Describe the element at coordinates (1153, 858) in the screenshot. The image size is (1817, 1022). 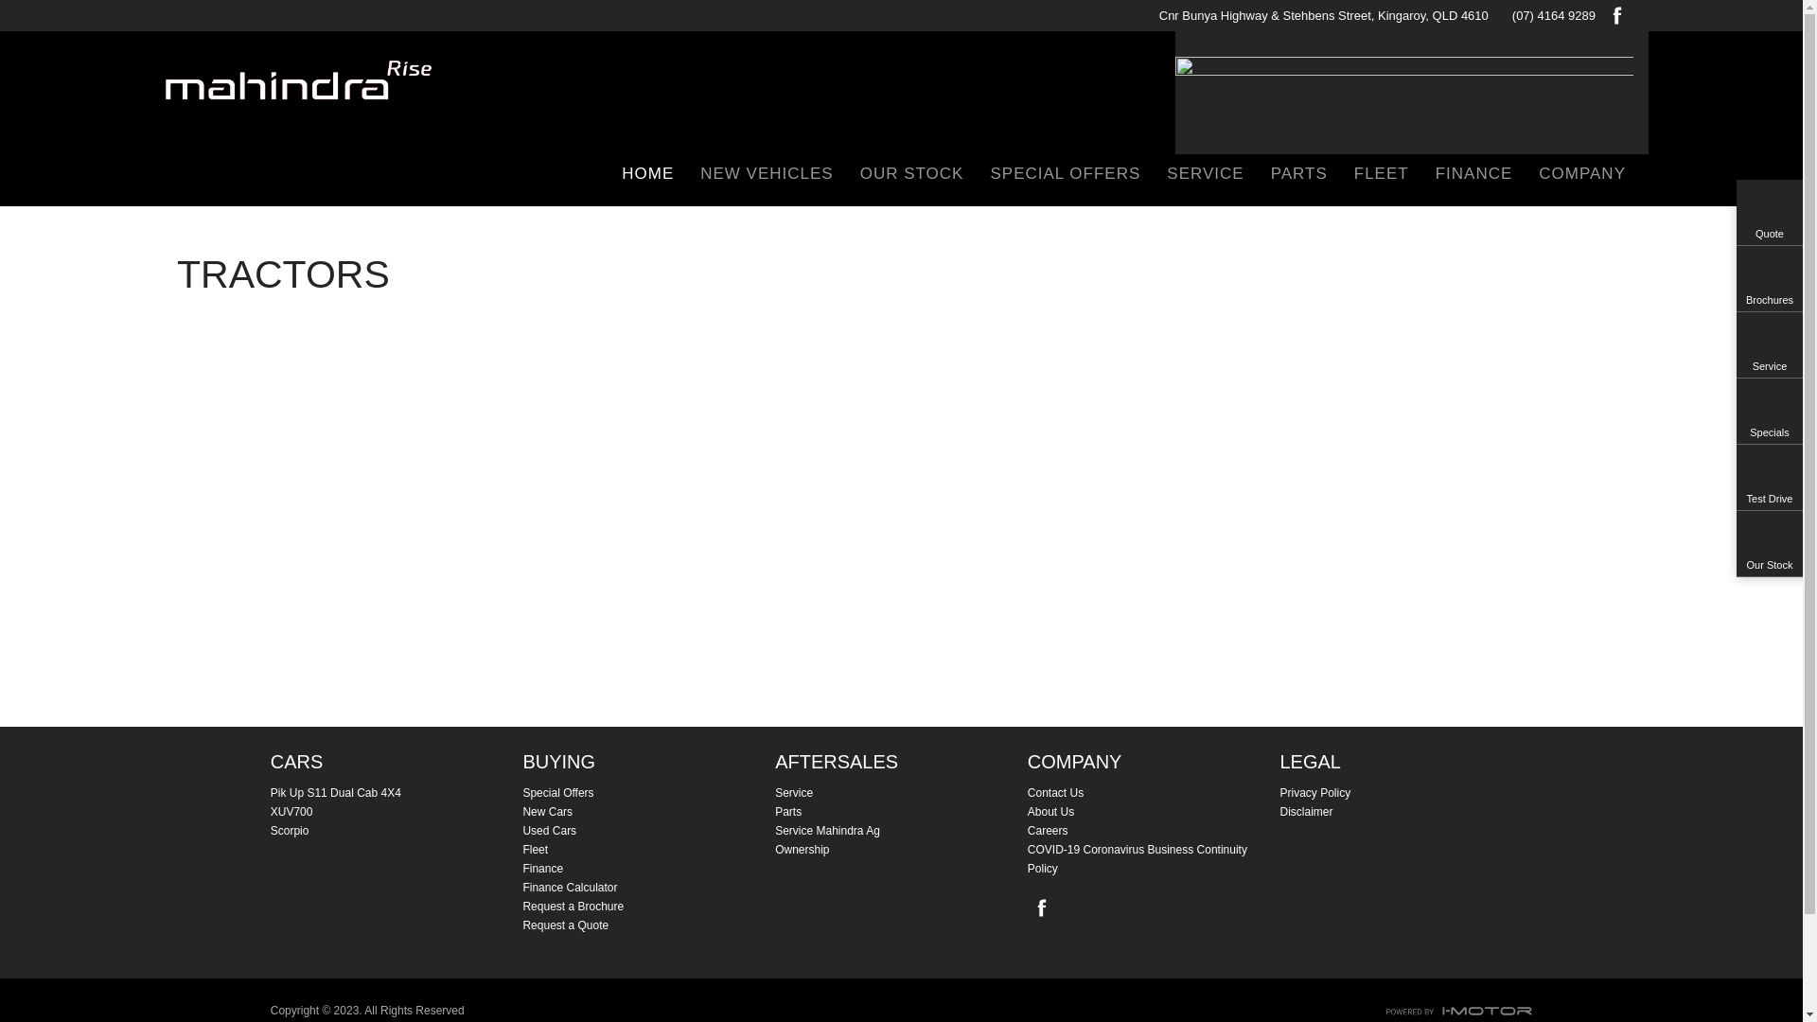
I see `'COVID-19 Coronavirus Business Continuity Policy'` at that location.